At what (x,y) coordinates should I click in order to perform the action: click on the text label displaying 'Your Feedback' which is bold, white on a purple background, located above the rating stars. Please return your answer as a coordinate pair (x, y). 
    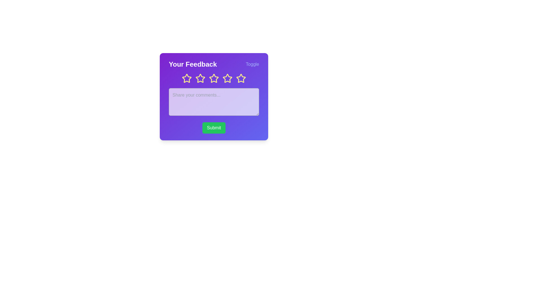
    Looking at the image, I should click on (193, 64).